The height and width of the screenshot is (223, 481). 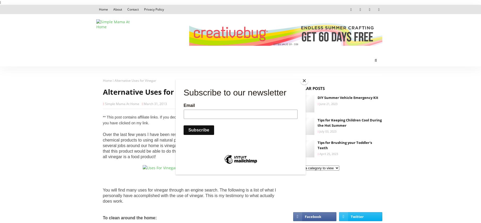 I want to click on 'Tips for Keeping Children Cool During the Hot Summer', so click(x=349, y=122).